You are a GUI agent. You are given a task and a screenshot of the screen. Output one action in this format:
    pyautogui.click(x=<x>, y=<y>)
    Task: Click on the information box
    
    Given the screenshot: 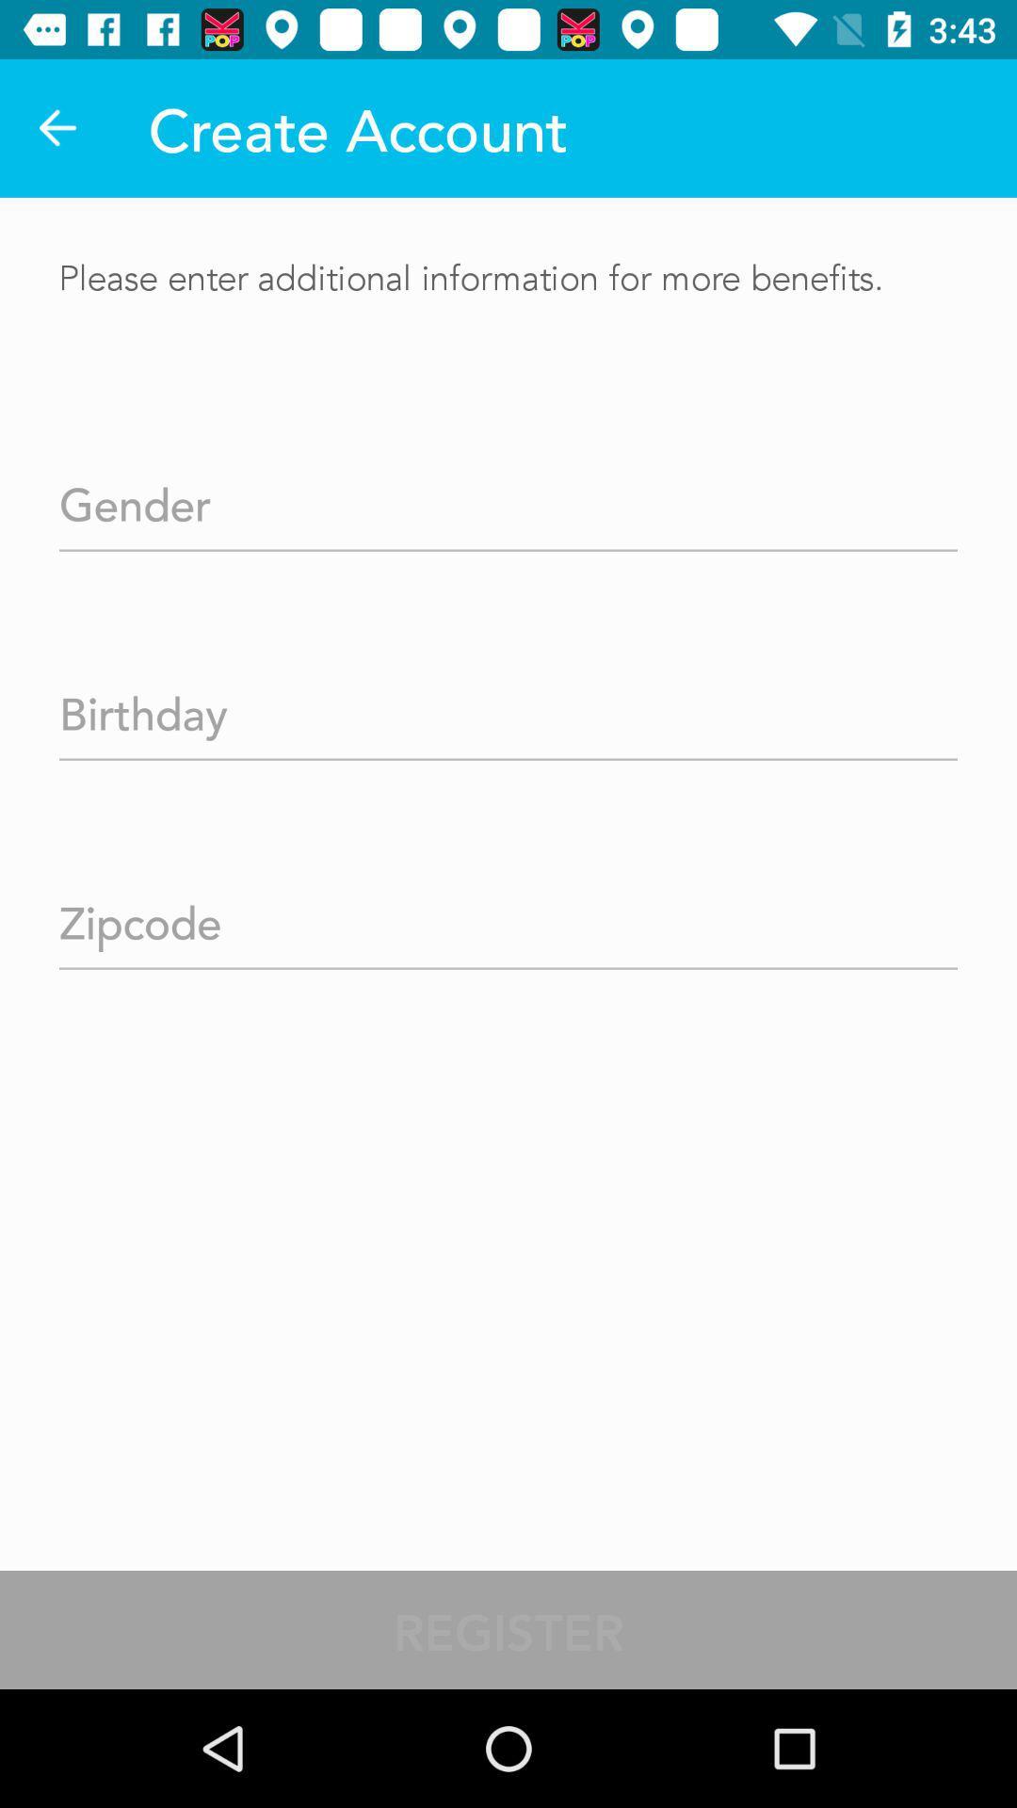 What is the action you would take?
    pyautogui.click(x=508, y=498)
    